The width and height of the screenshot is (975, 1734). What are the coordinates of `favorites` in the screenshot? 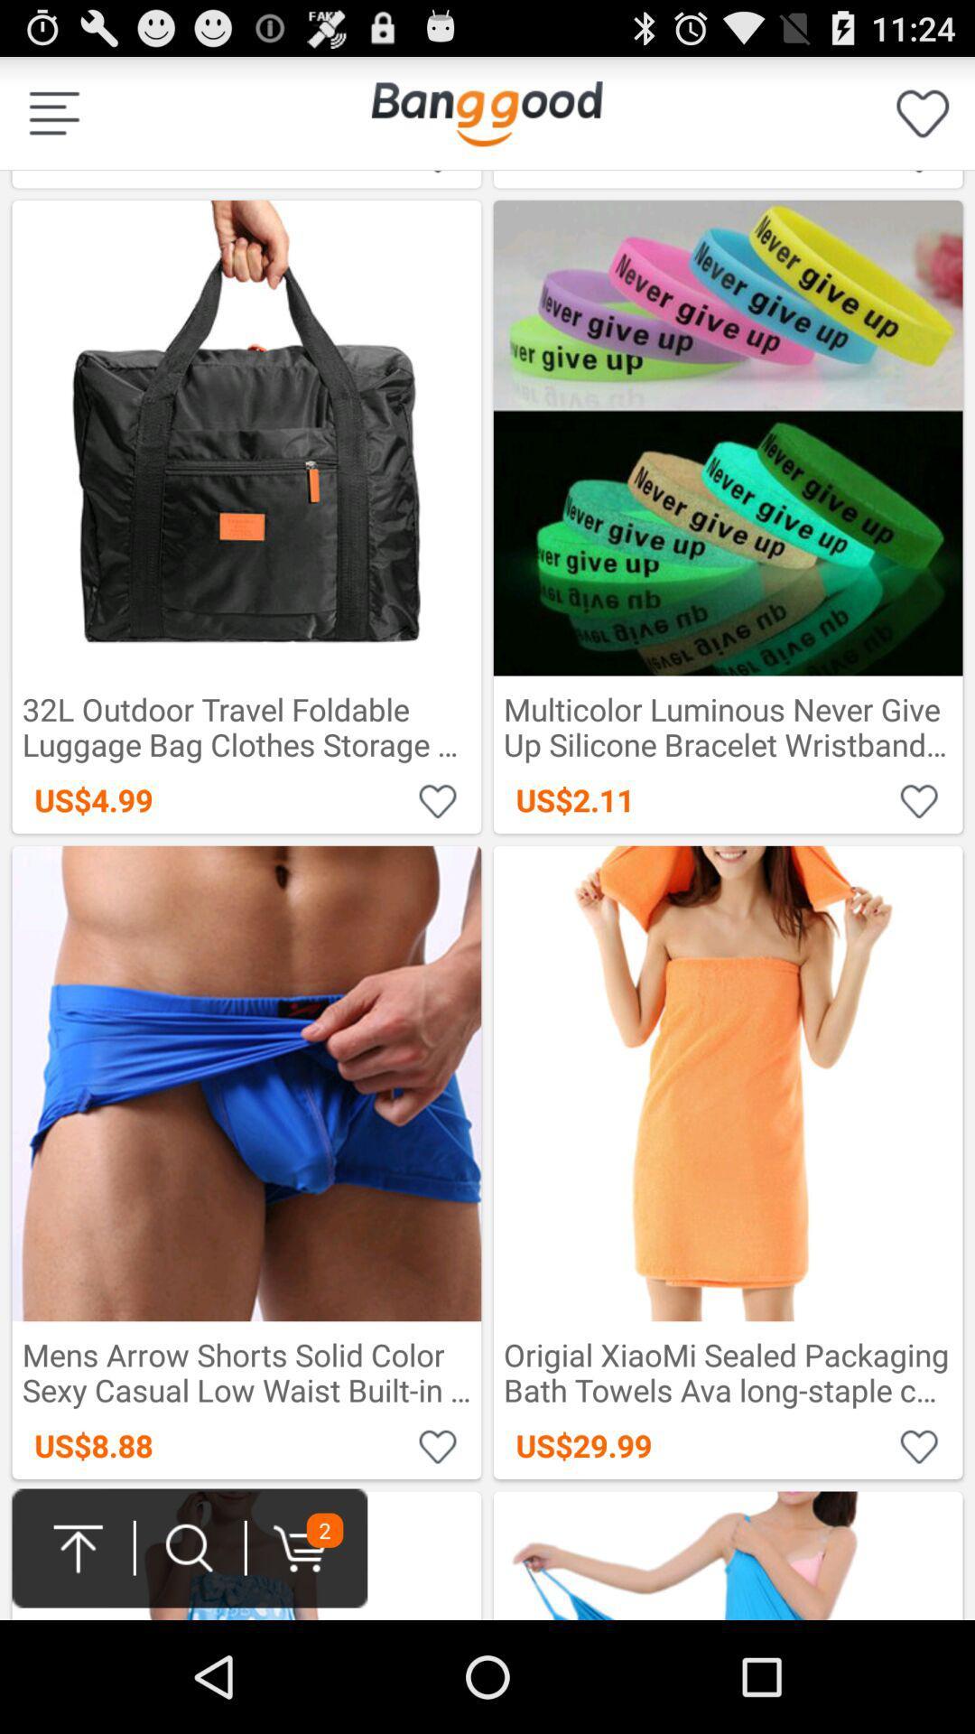 It's located at (923, 112).